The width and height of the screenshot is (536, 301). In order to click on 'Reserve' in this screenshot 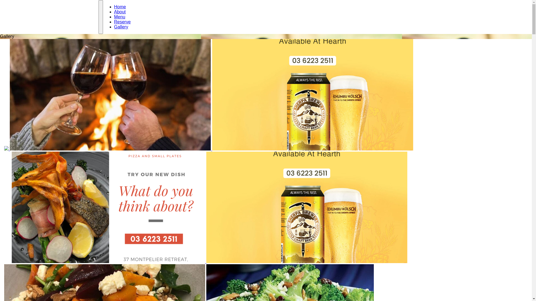, I will do `click(122, 21)`.